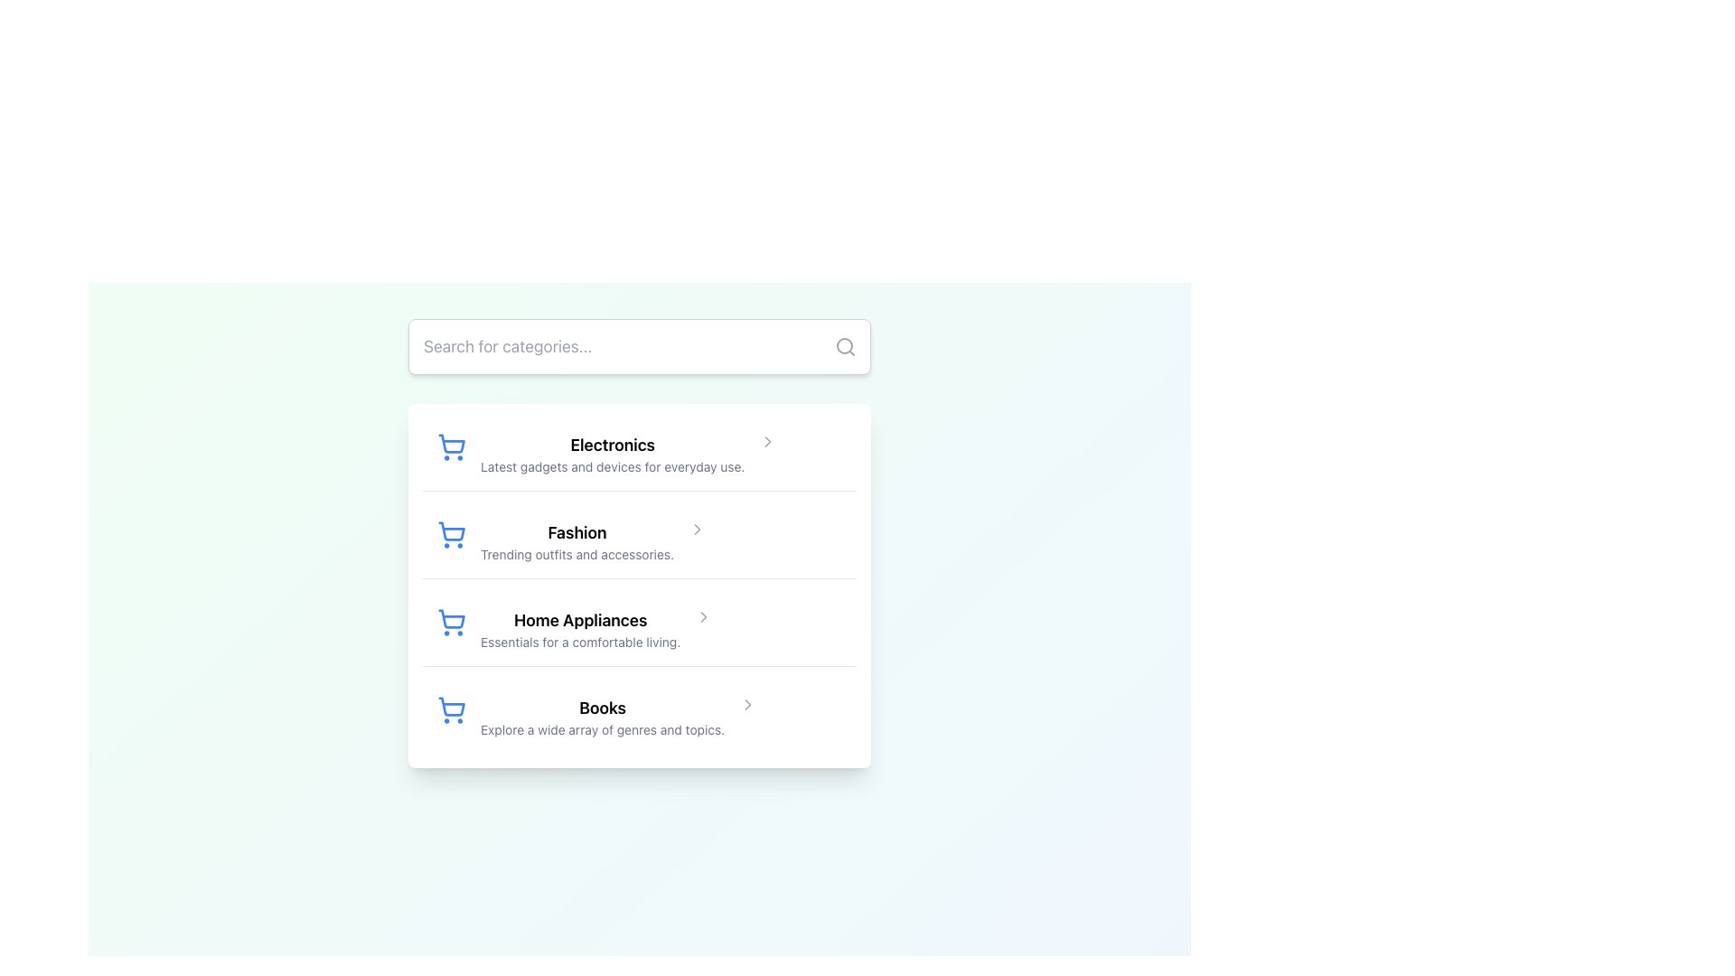 Image resolution: width=1735 pixels, height=976 pixels. What do you see at coordinates (452, 530) in the screenshot?
I see `the shopping cart icon, which is a minimalistic outline style with blue strokes, located to the left of the 'Fashion' list item` at bounding box center [452, 530].